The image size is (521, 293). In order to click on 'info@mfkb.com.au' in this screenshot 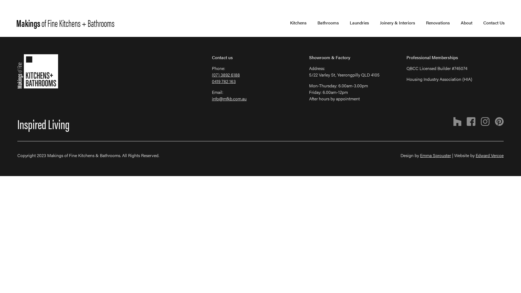, I will do `click(229, 98)`.